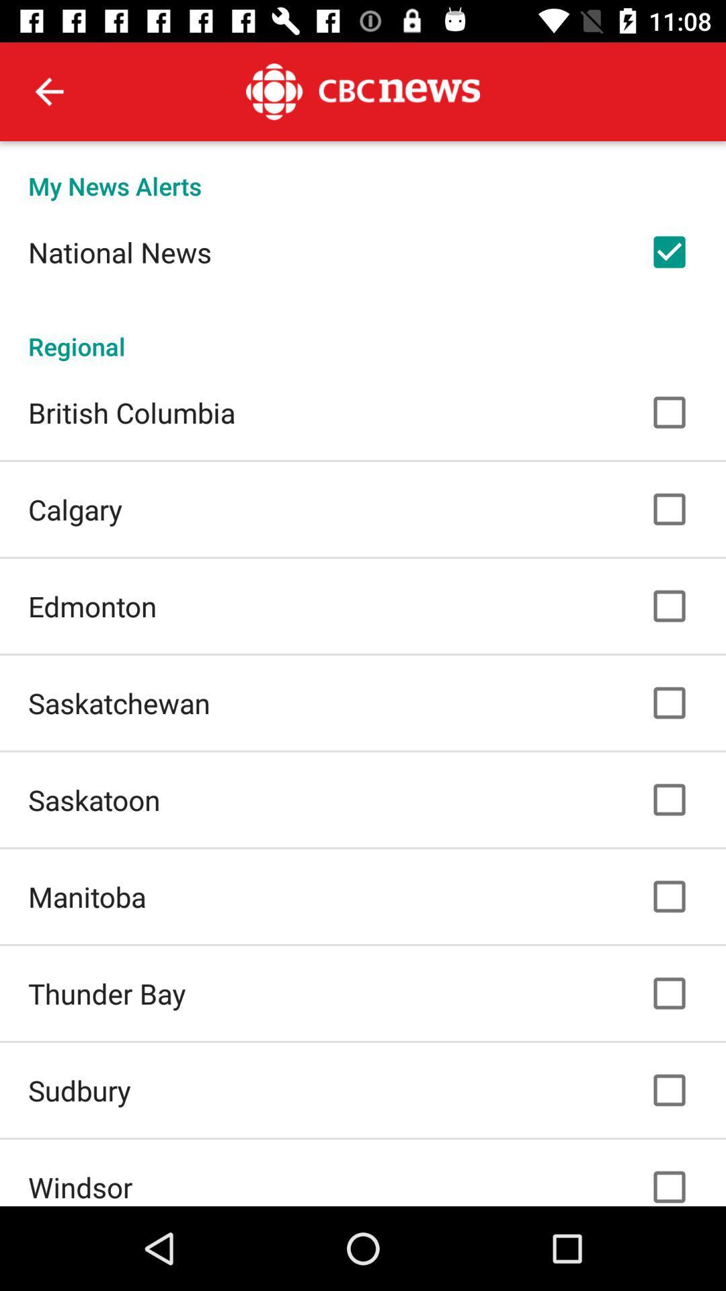 The width and height of the screenshot is (726, 1291). What do you see at coordinates (75, 508) in the screenshot?
I see `the calgary icon` at bounding box center [75, 508].